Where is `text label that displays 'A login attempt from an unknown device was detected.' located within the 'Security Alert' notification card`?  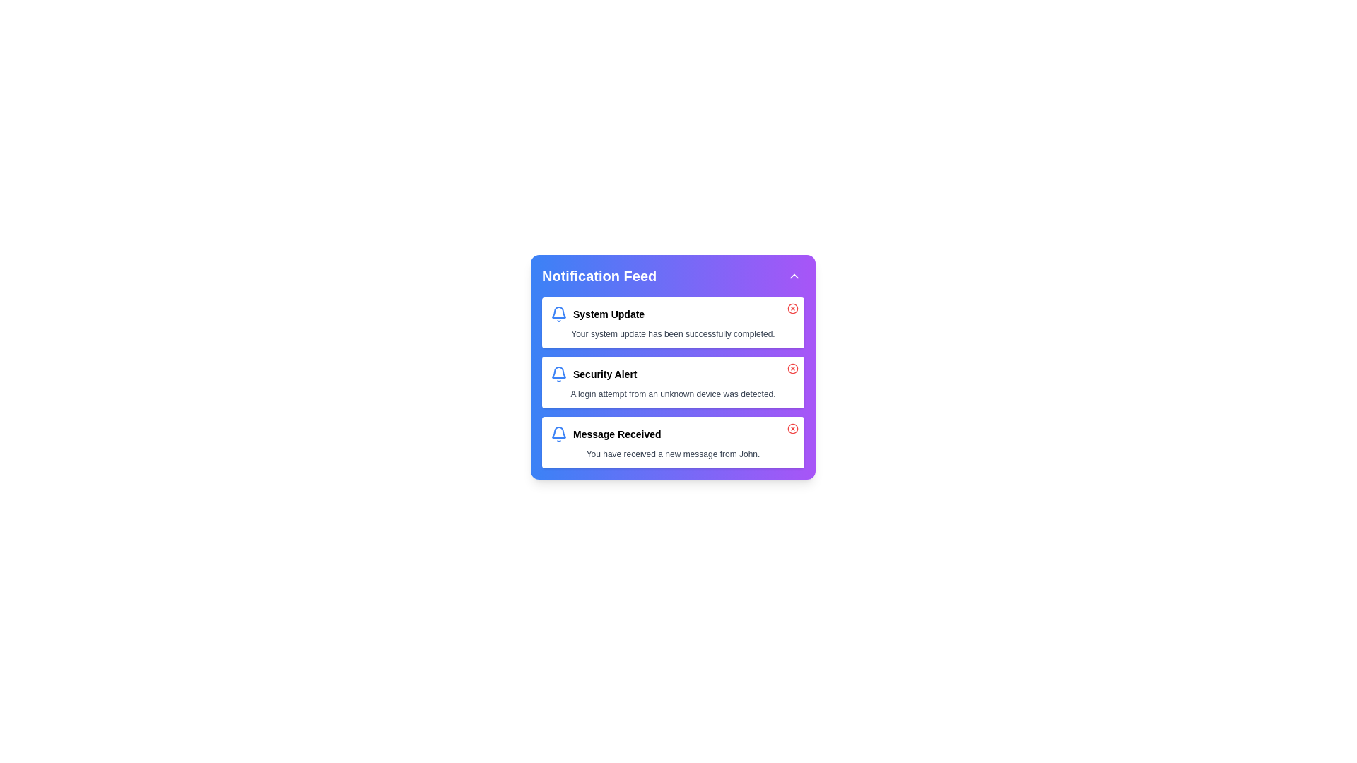 text label that displays 'A login attempt from an unknown device was detected.' located within the 'Security Alert' notification card is located at coordinates (672, 394).